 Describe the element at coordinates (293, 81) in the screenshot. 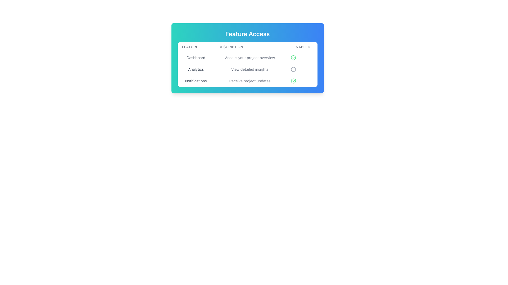

I see `the green circular graphic icon indicating the 'Dashboard' feature is enabled, located in the 'Feature Access' section under the 'Enabled' column of the 'Dashboard' row` at that location.